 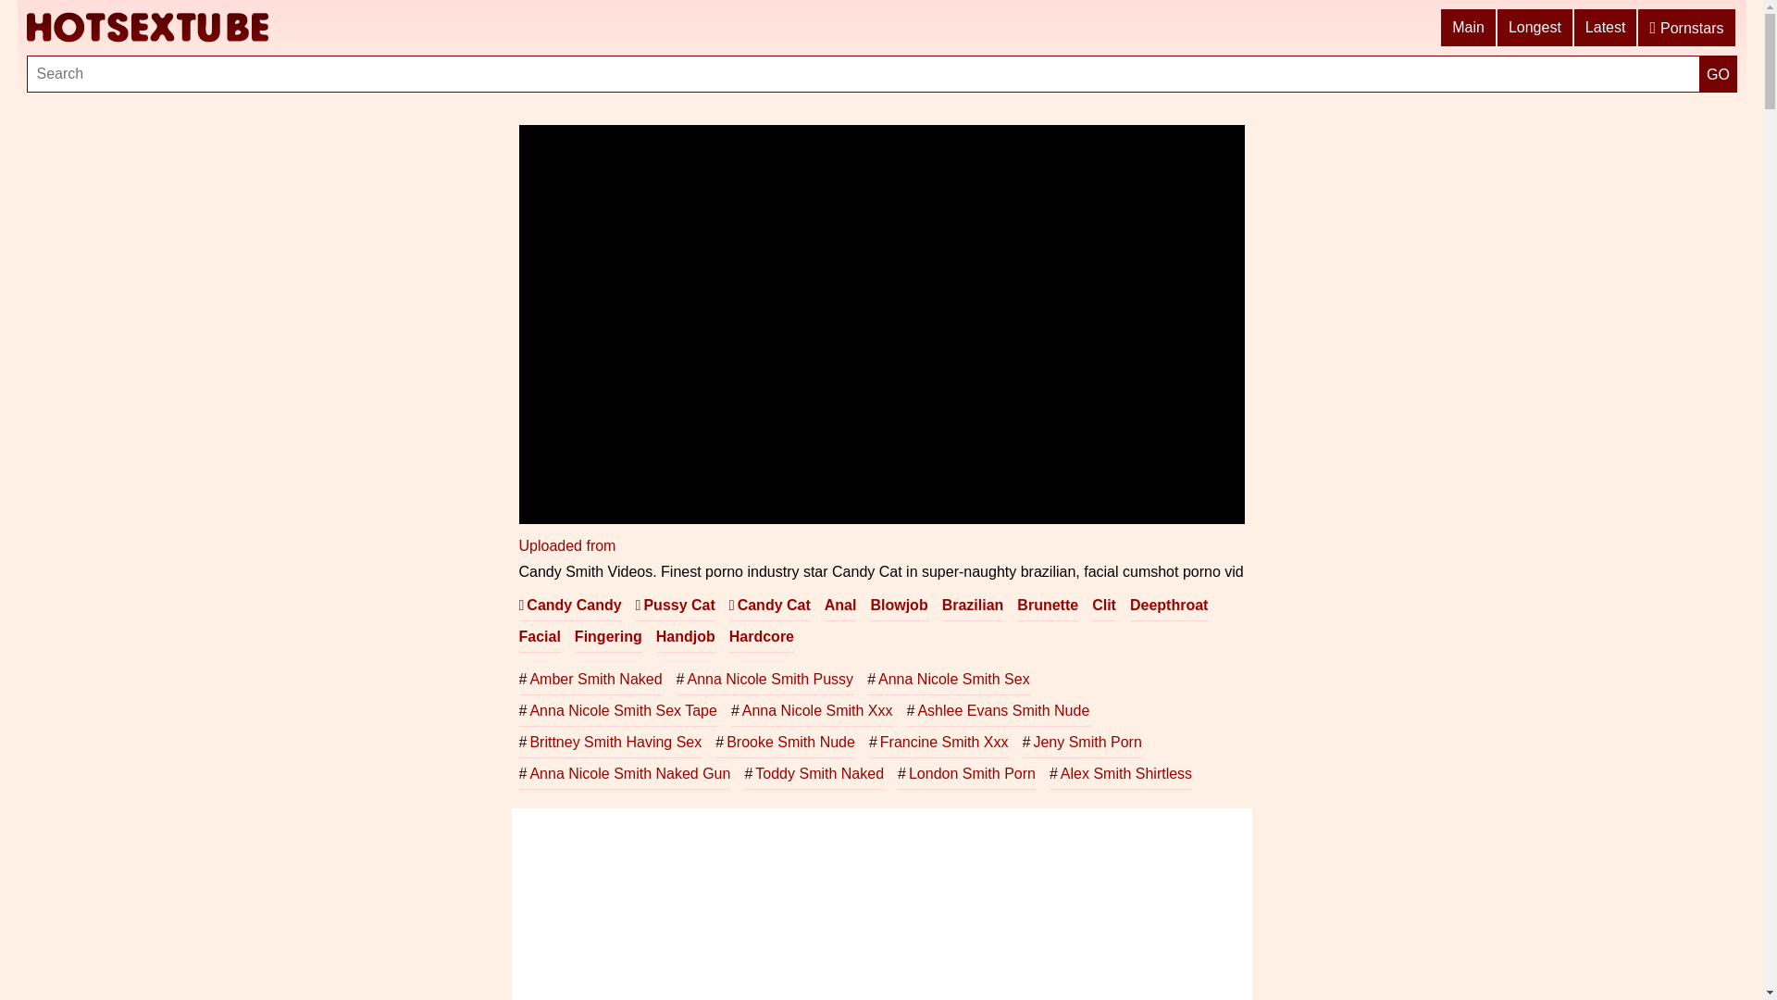 What do you see at coordinates (675, 679) in the screenshot?
I see `'Anna Nicole Smith Pussy'` at bounding box center [675, 679].